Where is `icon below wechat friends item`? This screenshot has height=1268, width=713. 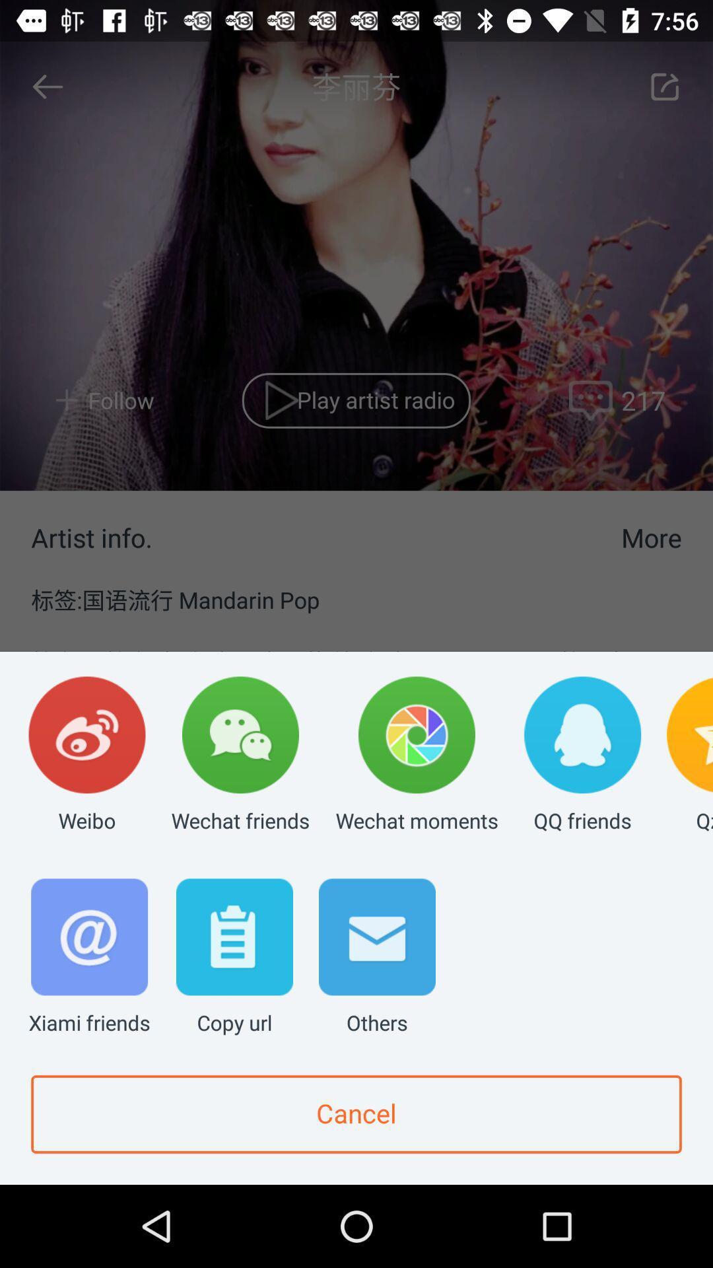
icon below wechat friends item is located at coordinates (234, 958).